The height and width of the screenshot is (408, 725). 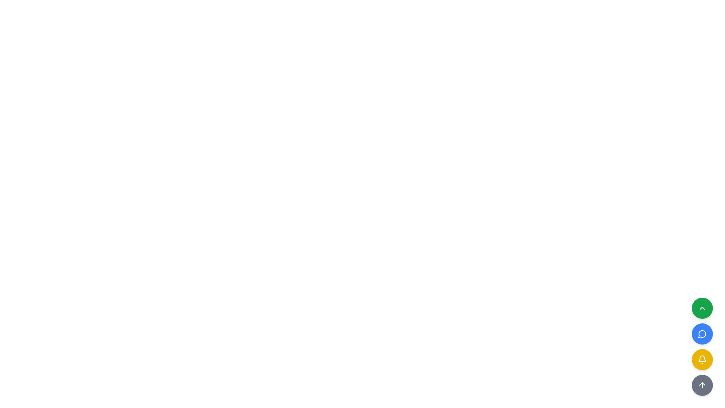 I want to click on the lower portion of the bell icon, which is part of a notification feature, so click(x=702, y=358).